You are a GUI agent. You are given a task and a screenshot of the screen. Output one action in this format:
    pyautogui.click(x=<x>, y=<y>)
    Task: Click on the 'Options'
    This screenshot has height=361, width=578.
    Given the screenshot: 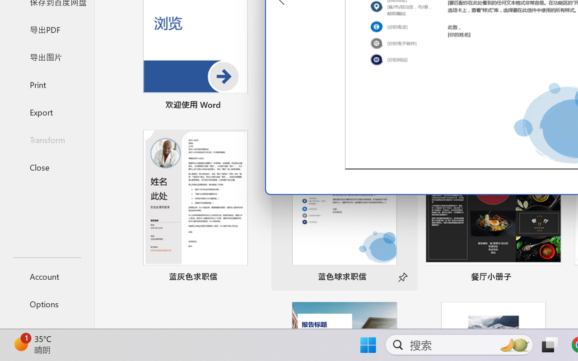 What is the action you would take?
    pyautogui.click(x=47, y=304)
    